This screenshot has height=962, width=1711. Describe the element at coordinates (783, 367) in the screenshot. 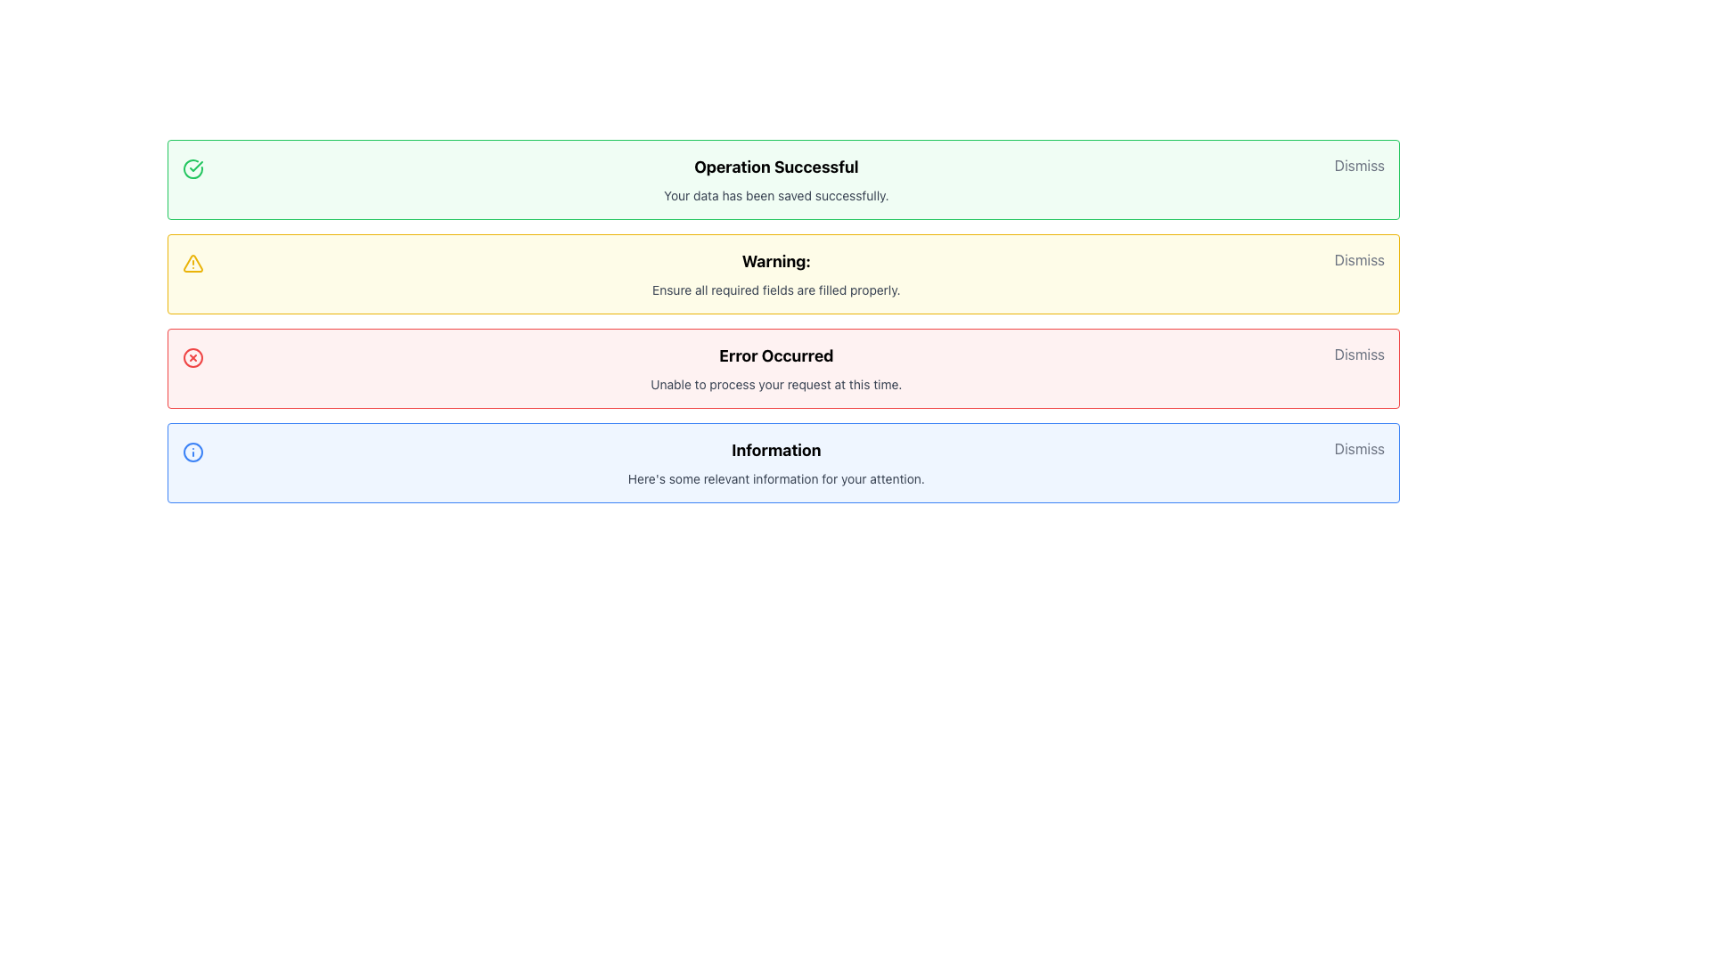

I see `the third notification panel down` at that location.